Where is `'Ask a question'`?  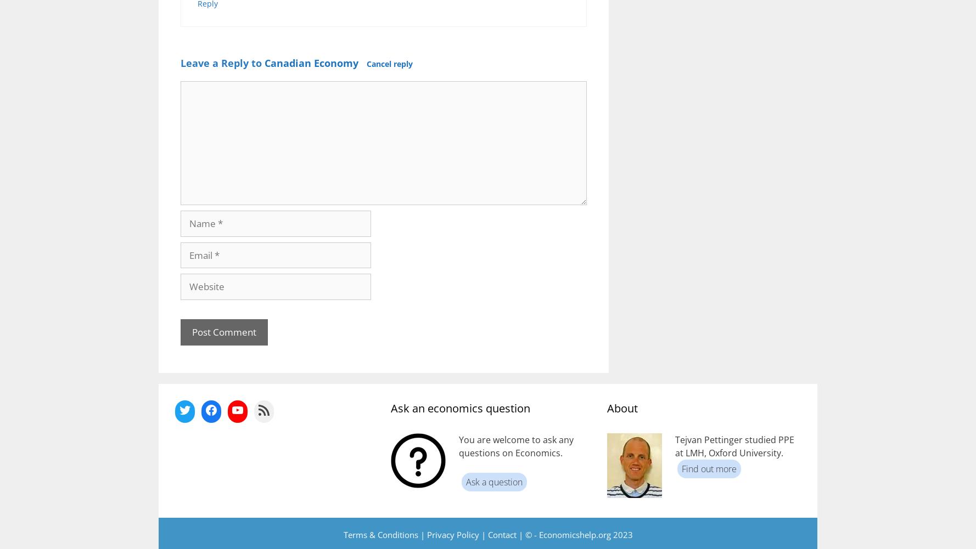 'Ask a question' is located at coordinates (494, 481).